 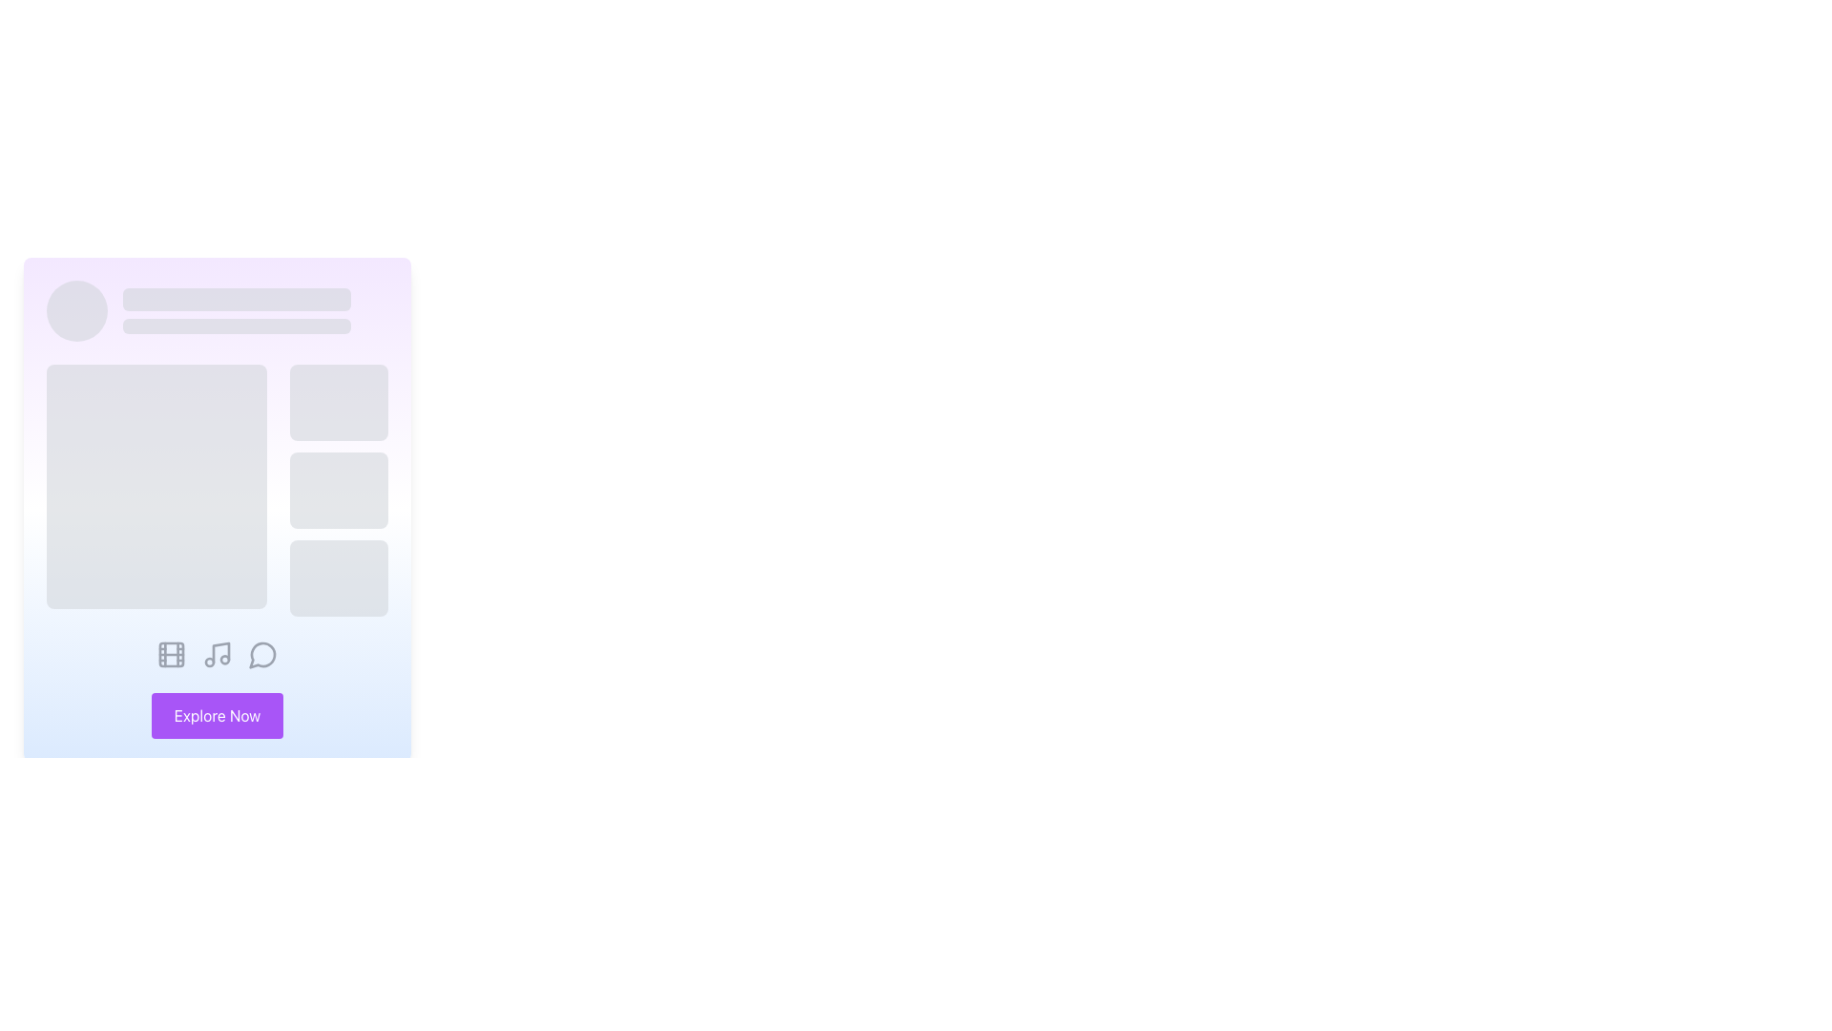 What do you see at coordinates (217, 715) in the screenshot?
I see `the navigation button located at the lower center of the interface, directly beneath three icons` at bounding box center [217, 715].